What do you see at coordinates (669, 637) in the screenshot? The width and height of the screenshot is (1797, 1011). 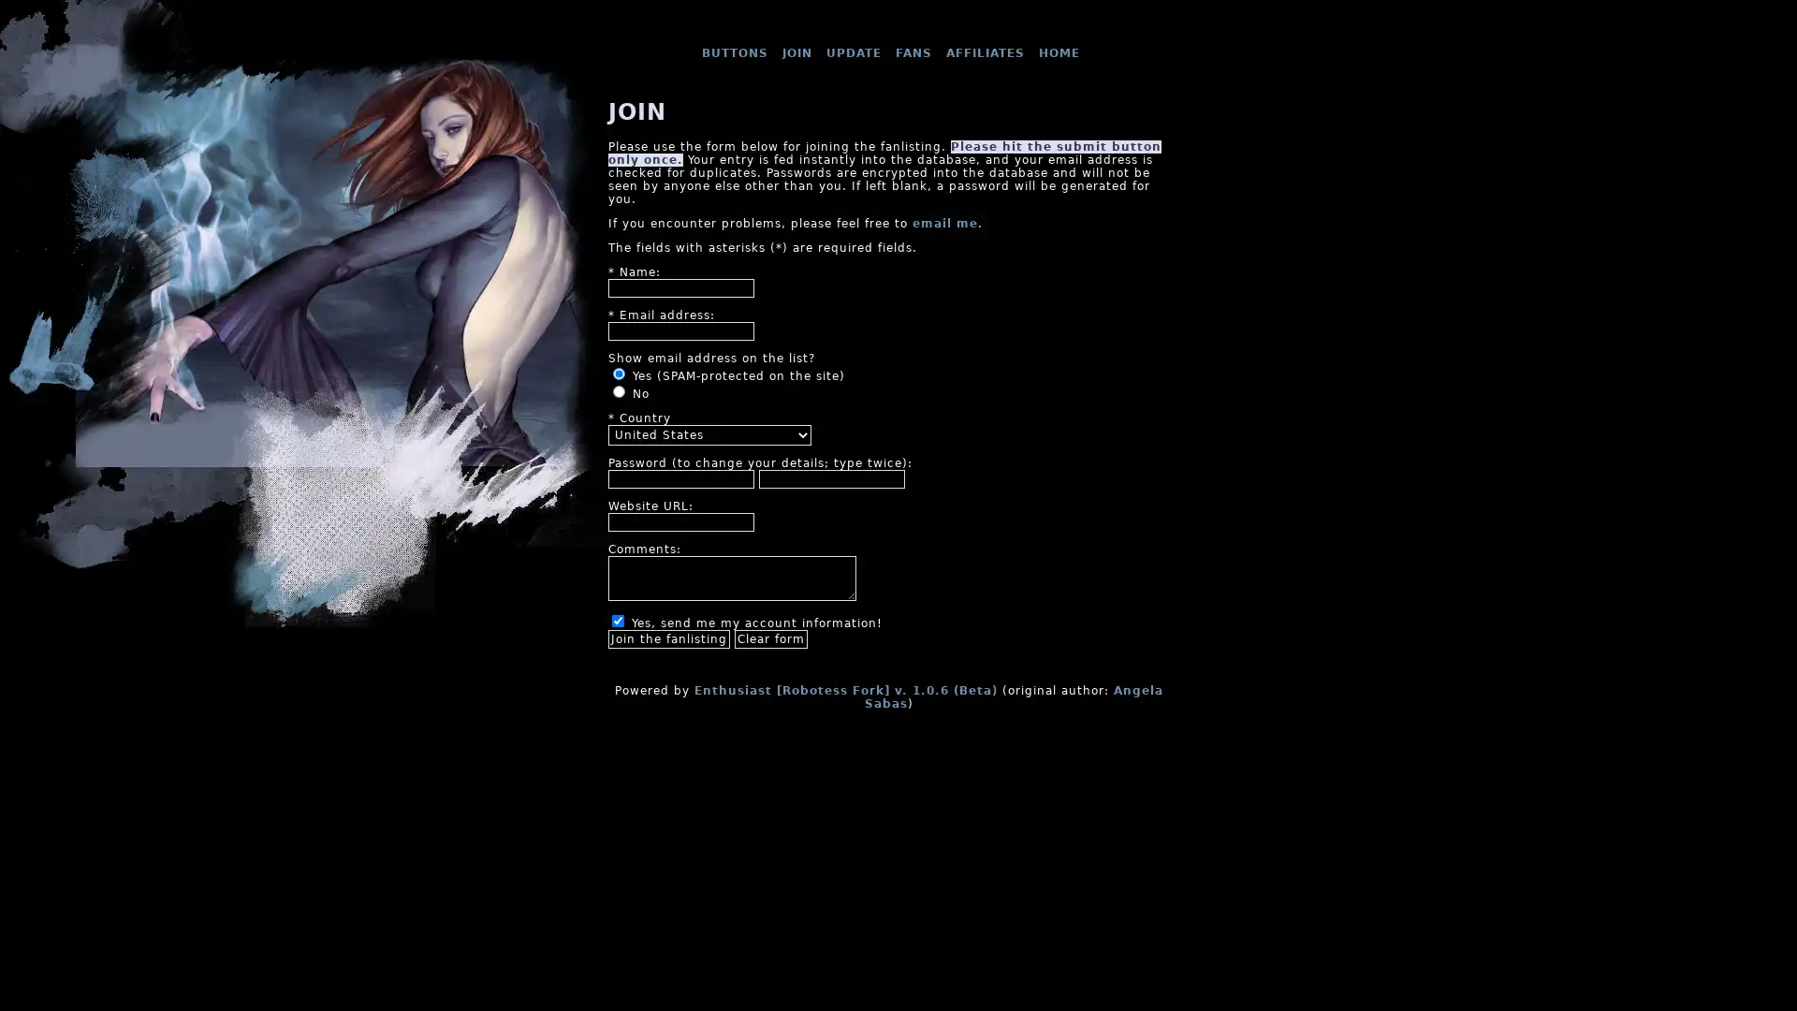 I see `Join the fanlisting` at bounding box center [669, 637].